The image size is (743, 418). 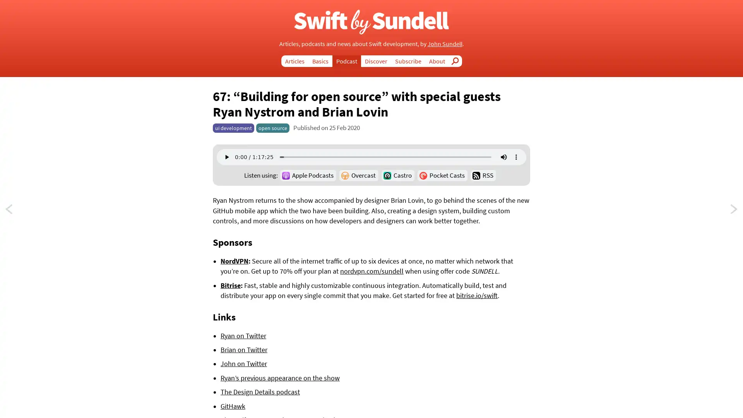 I want to click on show more media controls, so click(x=516, y=157).